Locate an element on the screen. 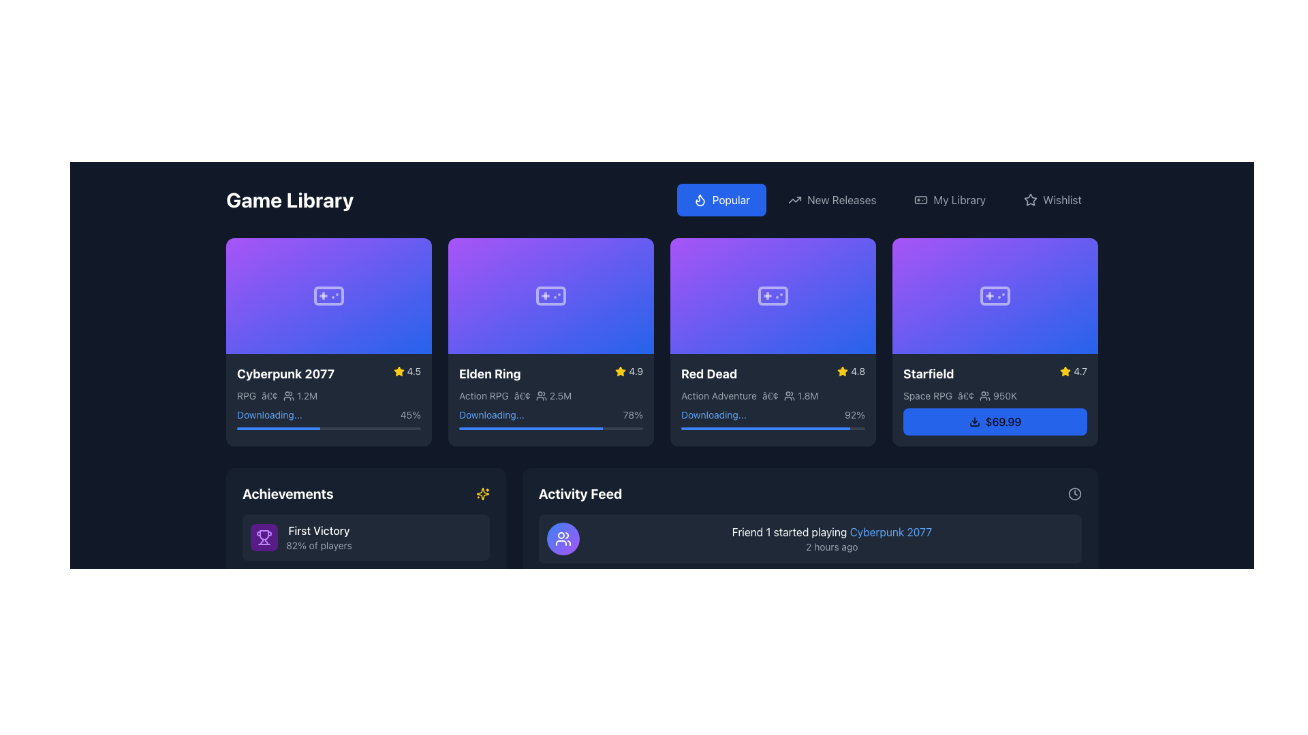 The image size is (1308, 735). the text label displaying '45%' in light gray on a dark background, located next to the 'Downloading...' label in the bottom part of the first tile of the game card grid is located at coordinates (409, 414).